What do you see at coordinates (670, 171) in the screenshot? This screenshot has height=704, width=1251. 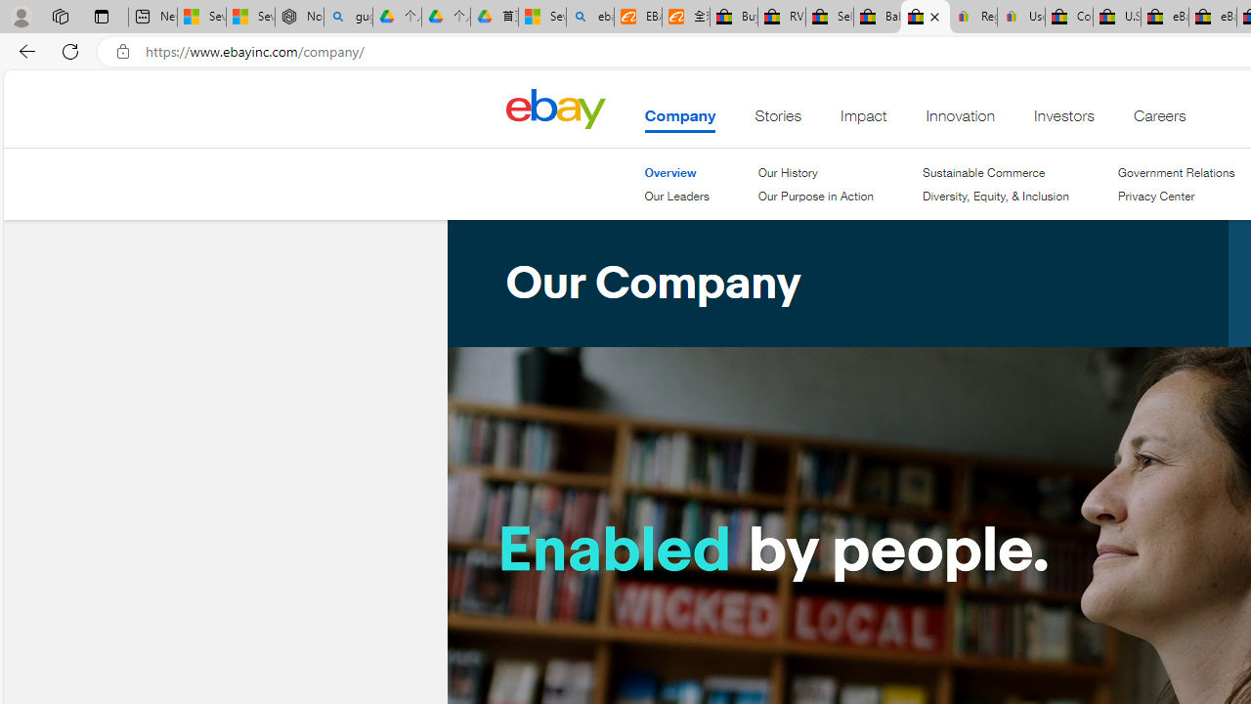 I see `'Overview'` at bounding box center [670, 171].